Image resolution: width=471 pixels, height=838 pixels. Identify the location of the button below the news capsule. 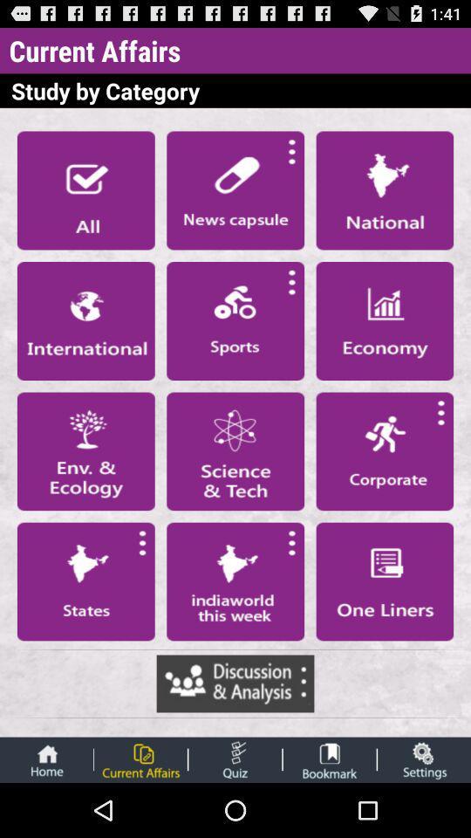
(235, 319).